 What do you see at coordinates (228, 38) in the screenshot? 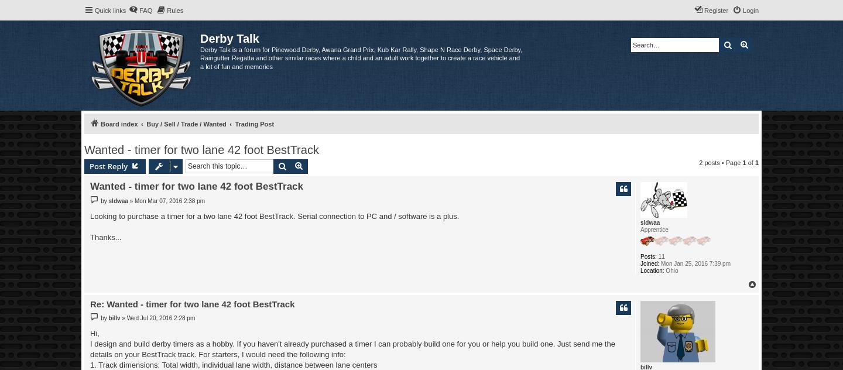
I see `'Derby Talk'` at bounding box center [228, 38].